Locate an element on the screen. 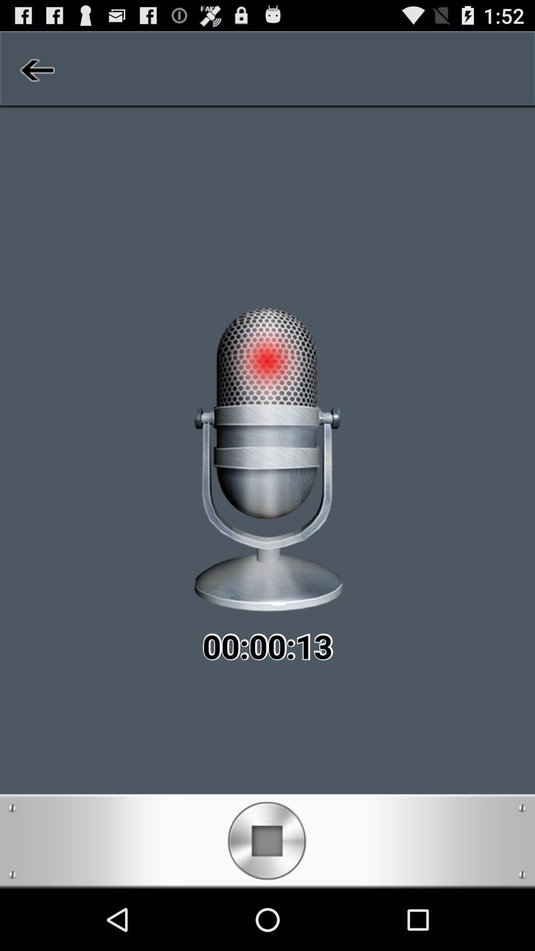  icon below the 00:00:13 is located at coordinates (267, 841).